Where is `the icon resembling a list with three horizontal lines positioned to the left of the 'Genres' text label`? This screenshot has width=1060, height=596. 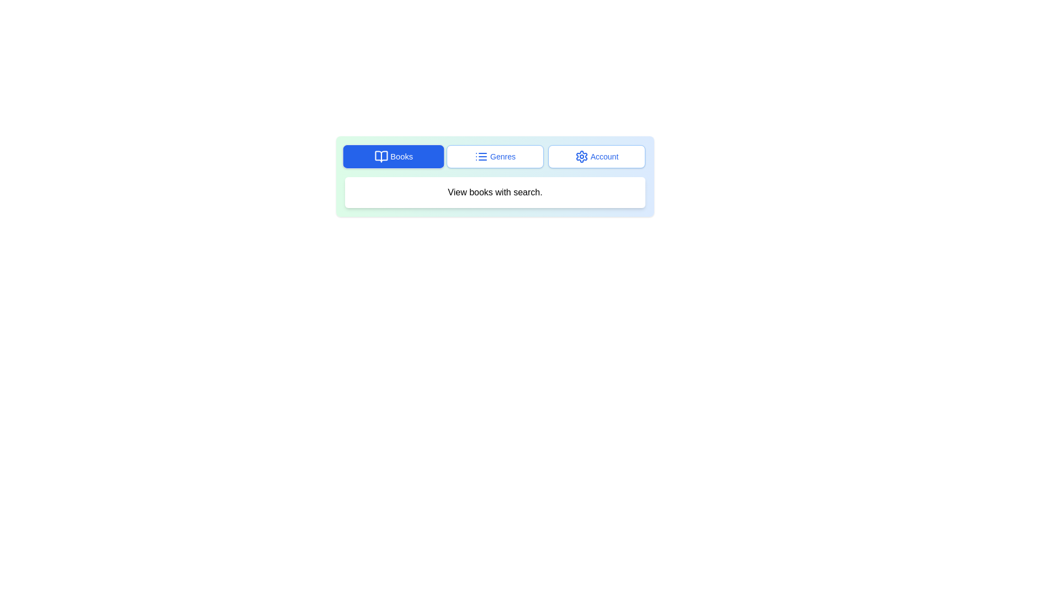 the icon resembling a list with three horizontal lines positioned to the left of the 'Genres' text label is located at coordinates (481, 157).